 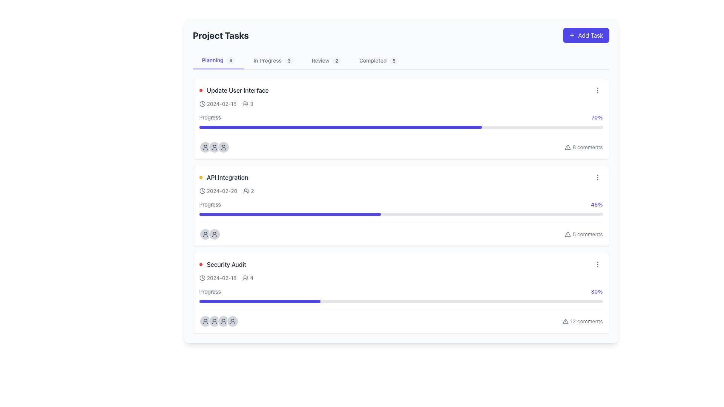 I want to click on the blue rounded progress bar segment indicating percentage completion within the 'Security Audit' task card for potential interaction, so click(x=260, y=301).